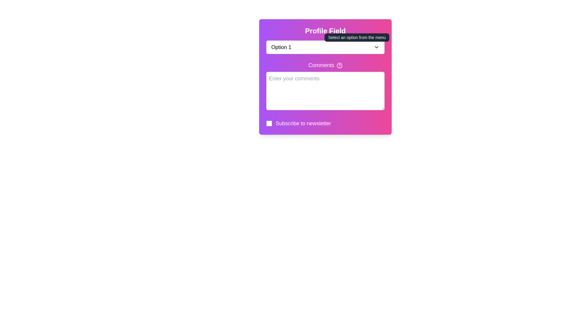 This screenshot has width=568, height=319. What do you see at coordinates (325, 123) in the screenshot?
I see `the 'Subscribe to newsletter' checkbox element which is styled with a purple border and located below the 'Comments' text area` at bounding box center [325, 123].